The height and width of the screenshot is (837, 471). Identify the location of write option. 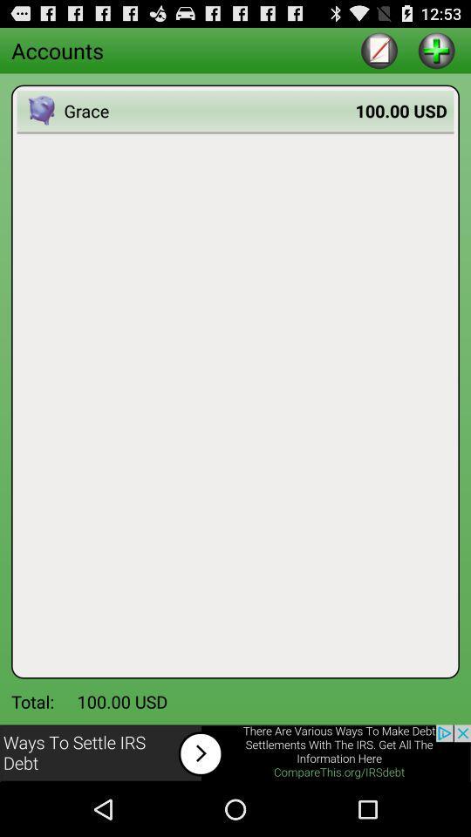
(379, 49).